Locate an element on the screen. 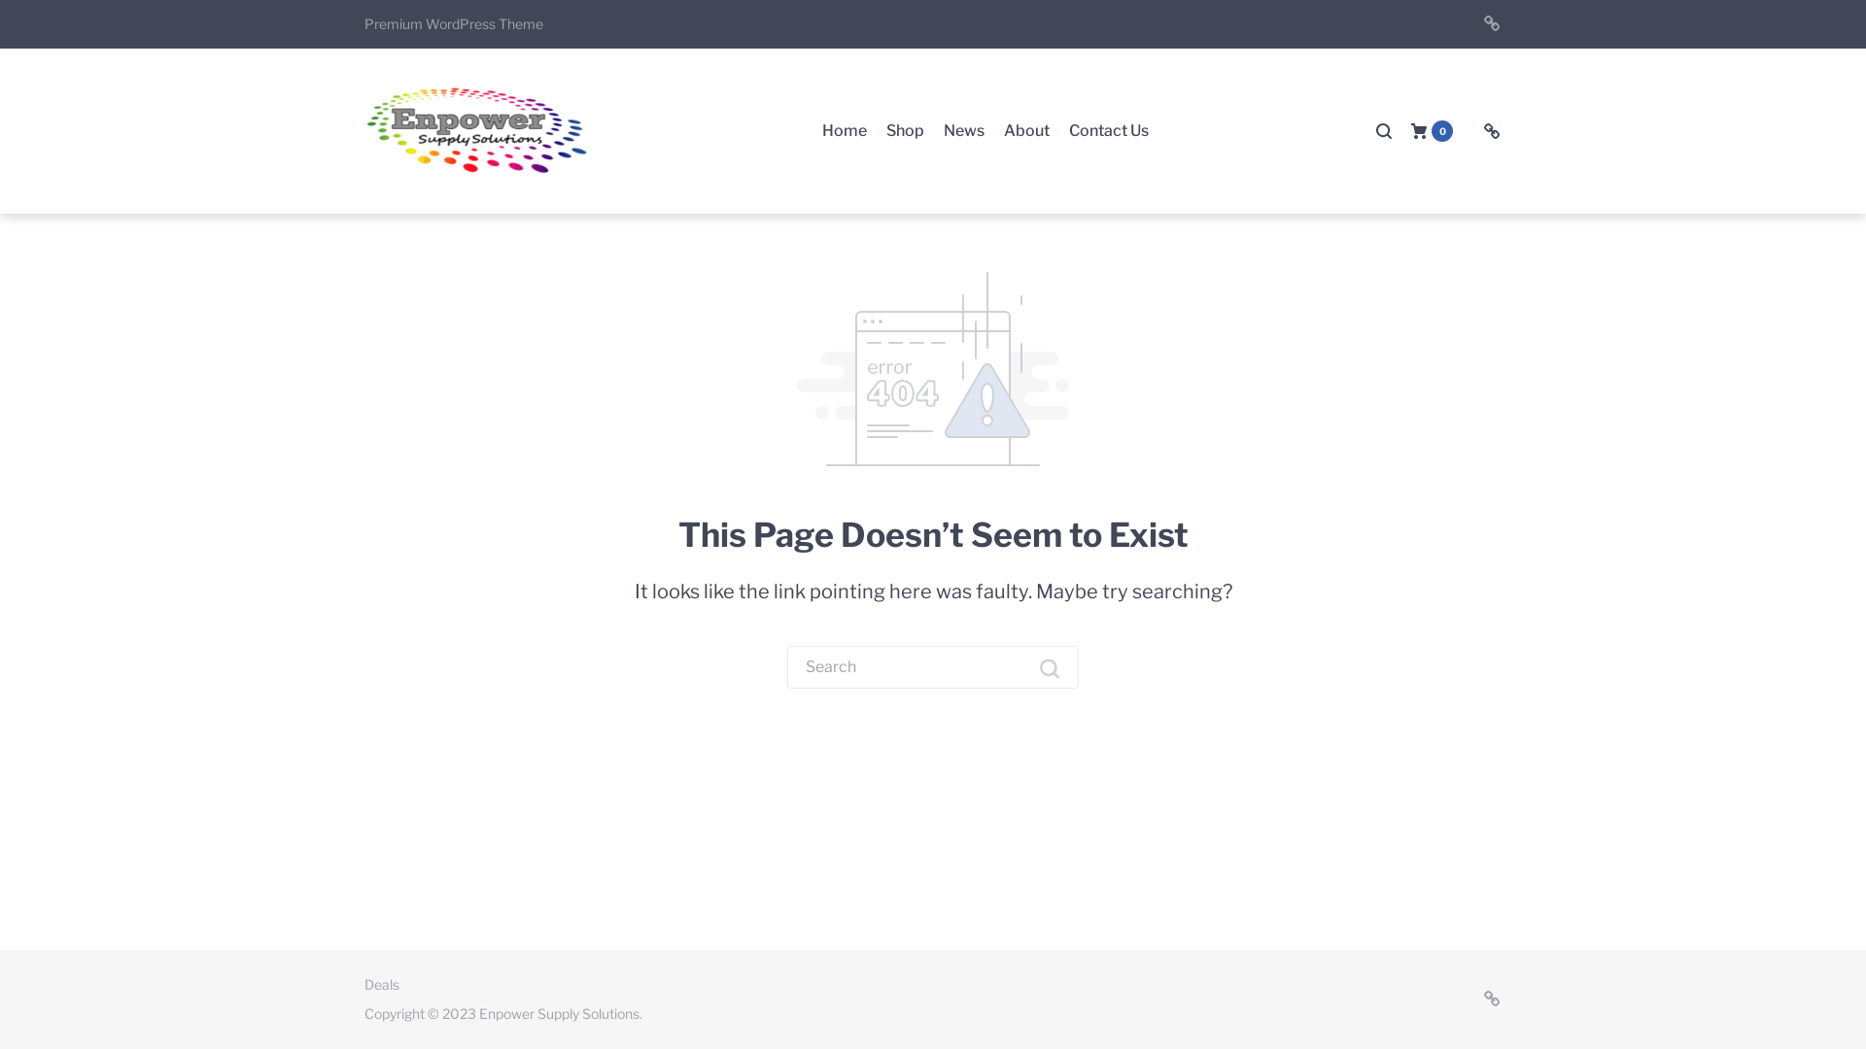  'News' is located at coordinates (964, 131).